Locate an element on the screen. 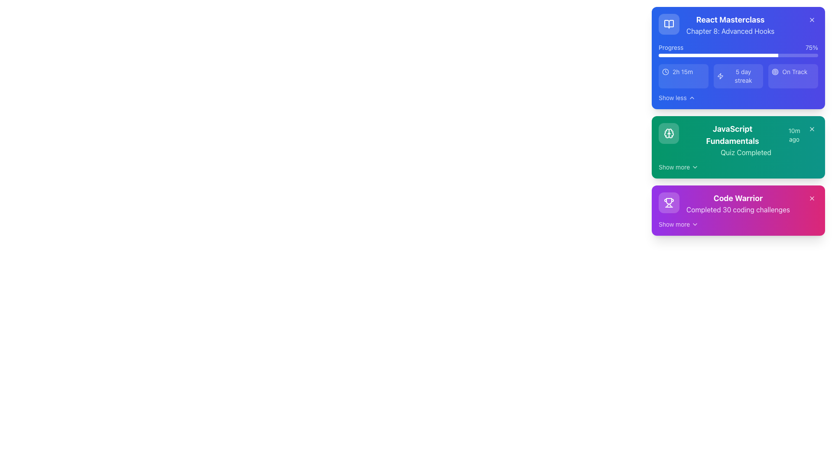 The width and height of the screenshot is (832, 468). the icon-style close button, shaped as a cross or 'X', located in the top-right corner of the pink card labeled 'Code Warrior' is located at coordinates (811, 198).